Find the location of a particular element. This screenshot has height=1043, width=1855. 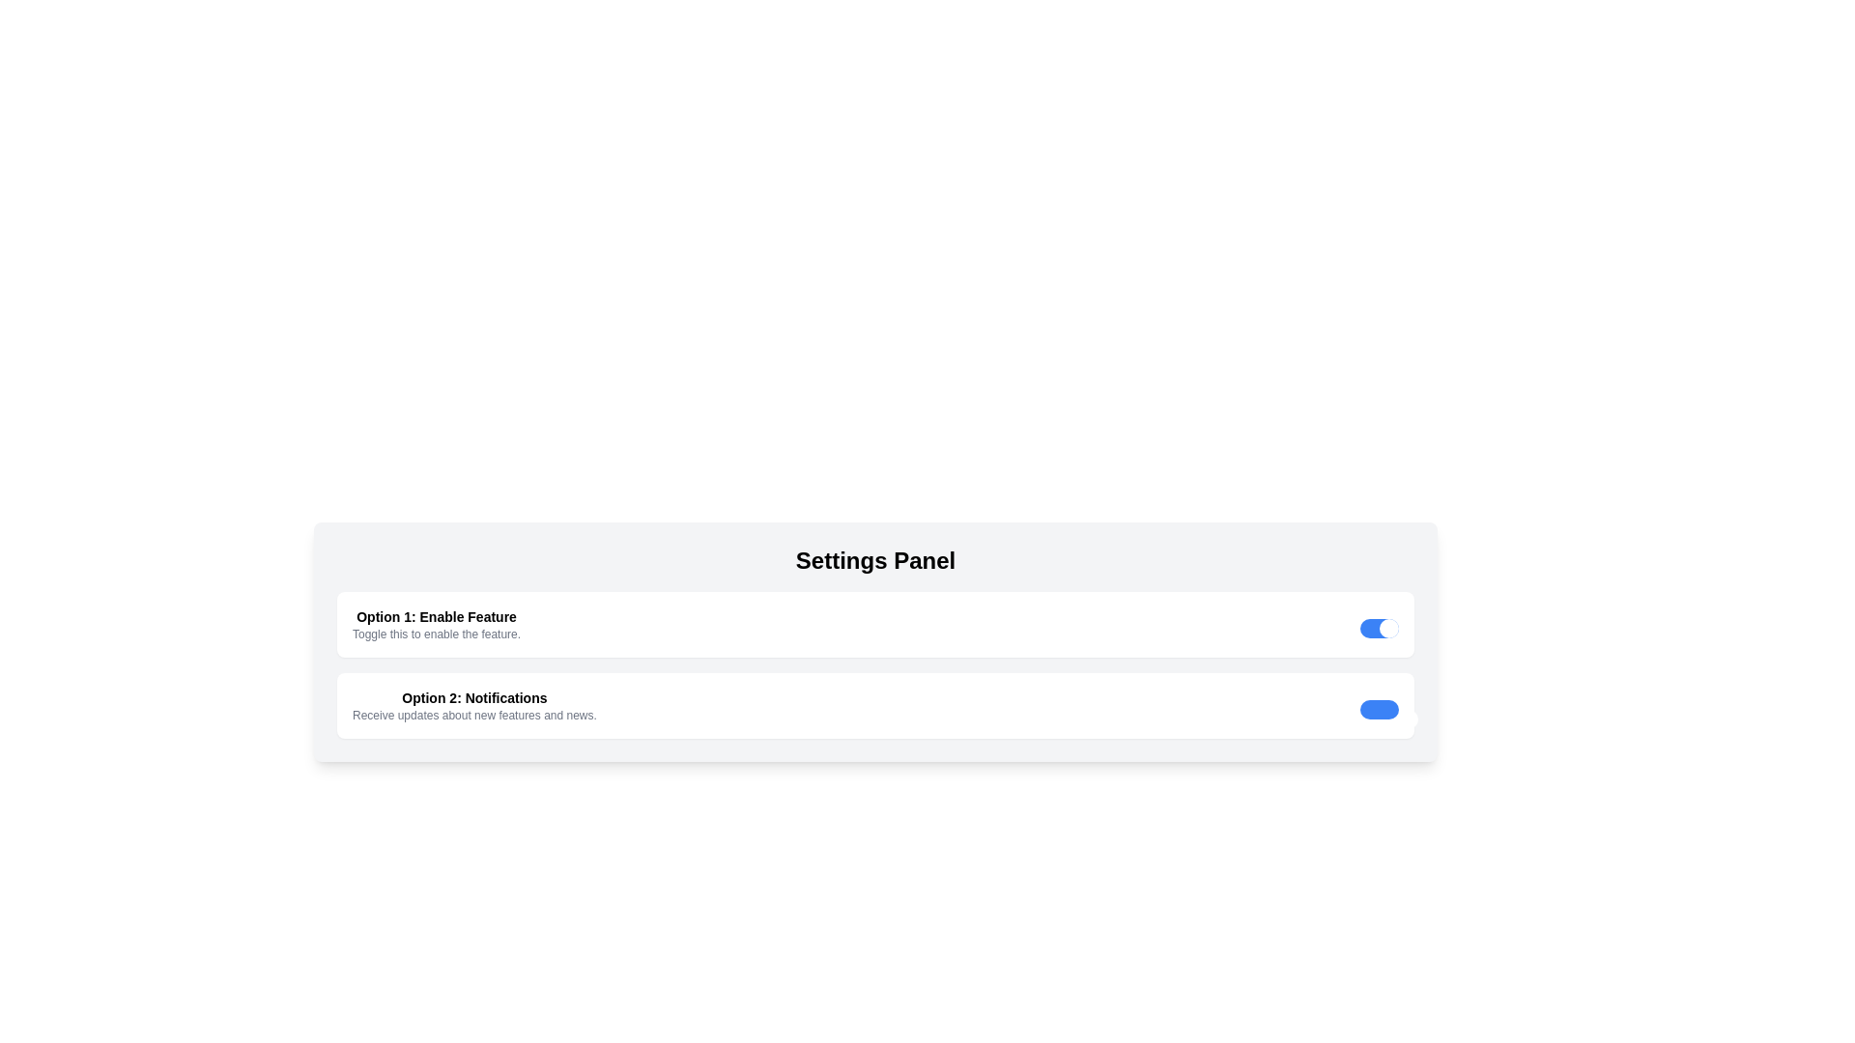

the right-hand movable knob of the toggle switch located in the settings panel is located at coordinates (1388, 629).